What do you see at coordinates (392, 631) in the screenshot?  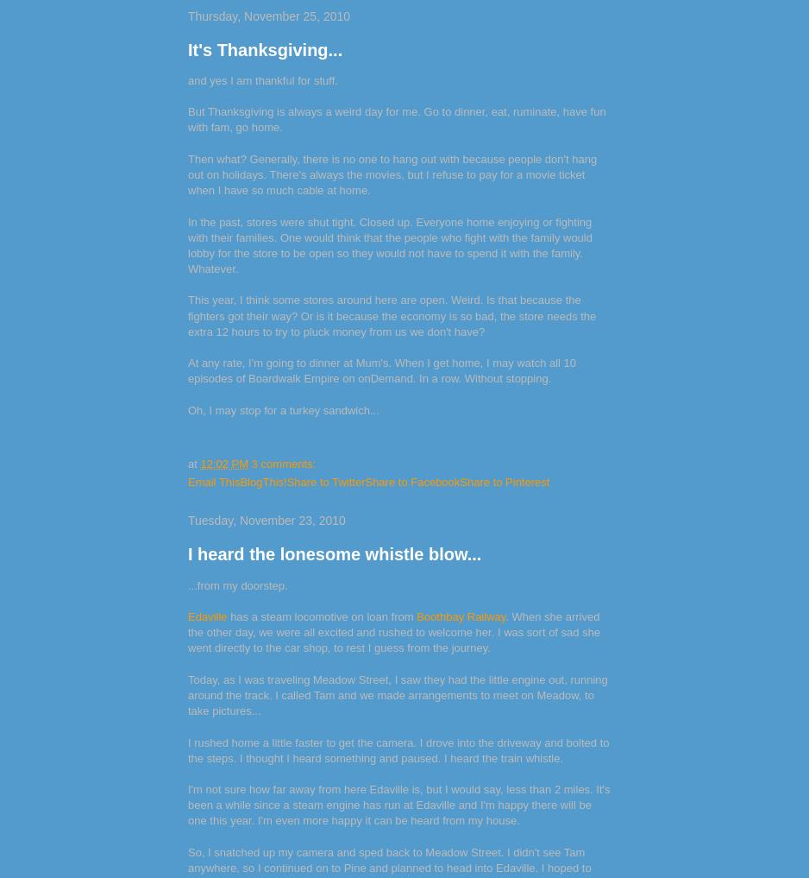 I see `'. When she arrived the other day, we were all excited and rushed to welcome her. I was sort of sad she went directly to the car shop, to rest I guess from the journey.'` at bounding box center [392, 631].